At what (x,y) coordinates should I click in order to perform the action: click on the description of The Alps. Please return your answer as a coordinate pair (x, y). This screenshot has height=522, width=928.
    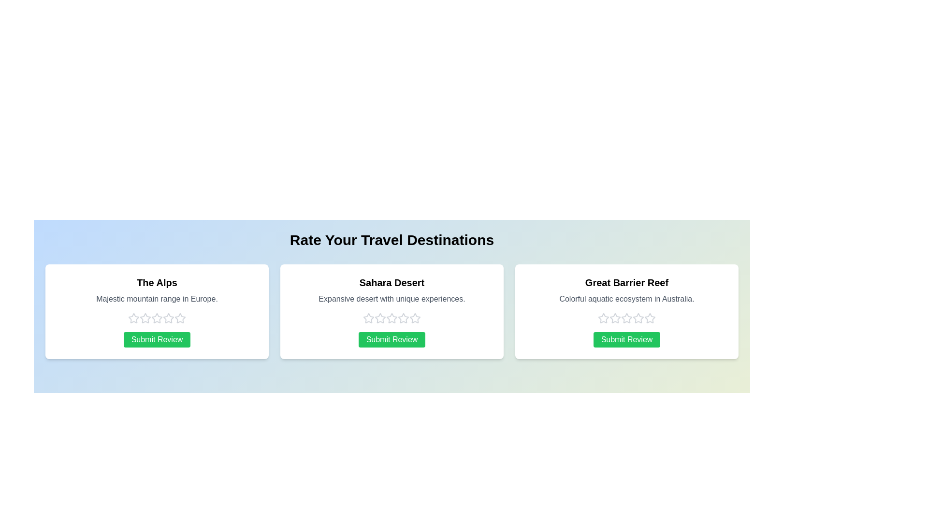
    Looking at the image, I should click on (157, 298).